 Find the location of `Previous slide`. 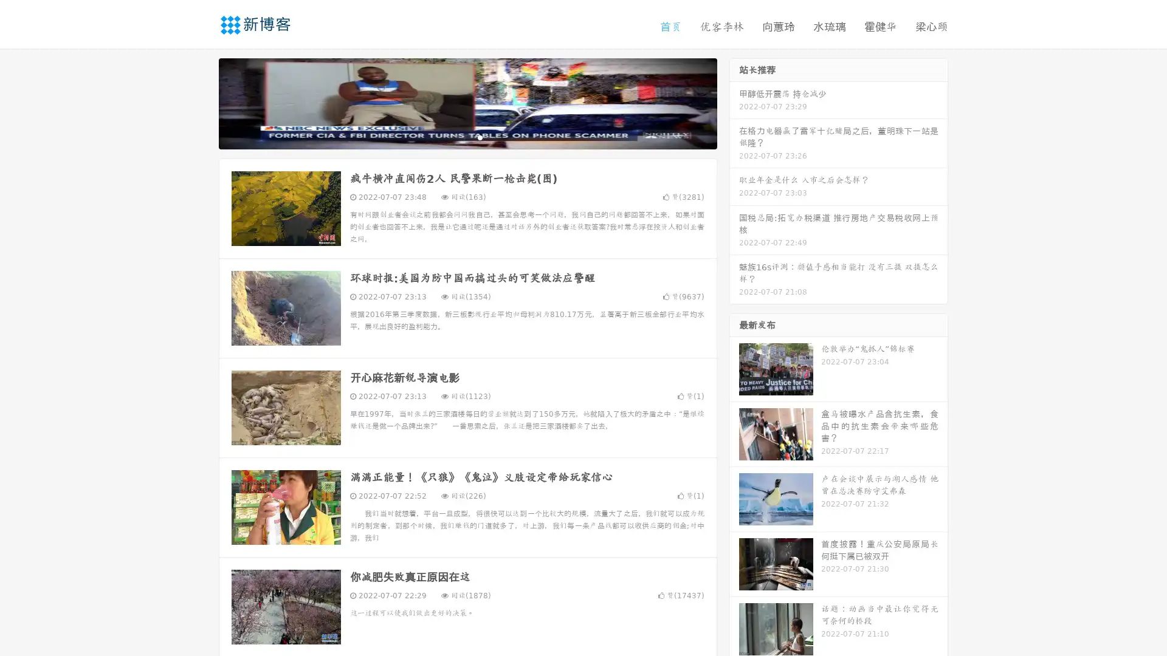

Previous slide is located at coordinates (201, 102).